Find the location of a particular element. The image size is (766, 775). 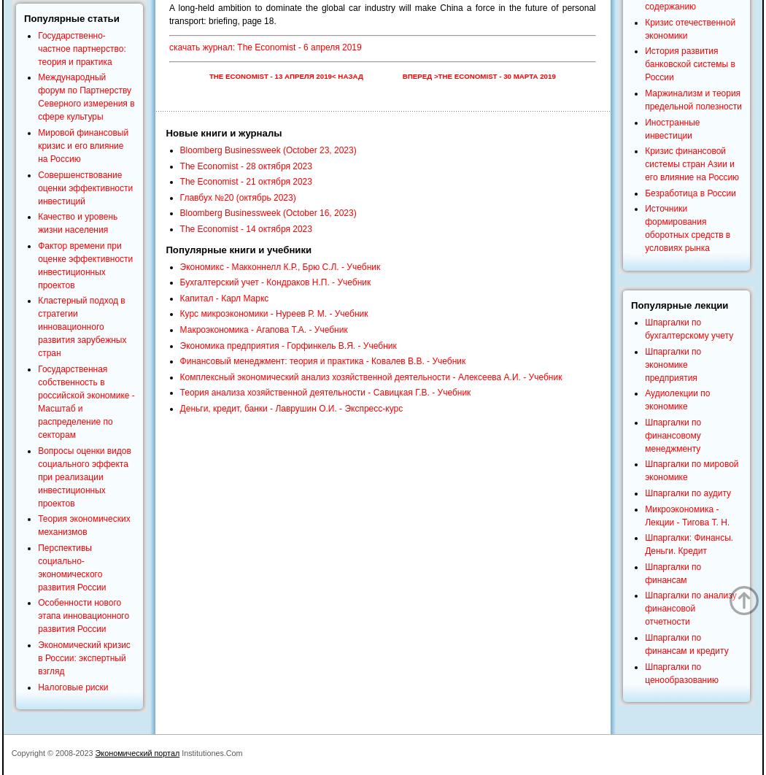

'Экономика предприятия - Горфинкель В.Я. - Учебник' is located at coordinates (287, 344).